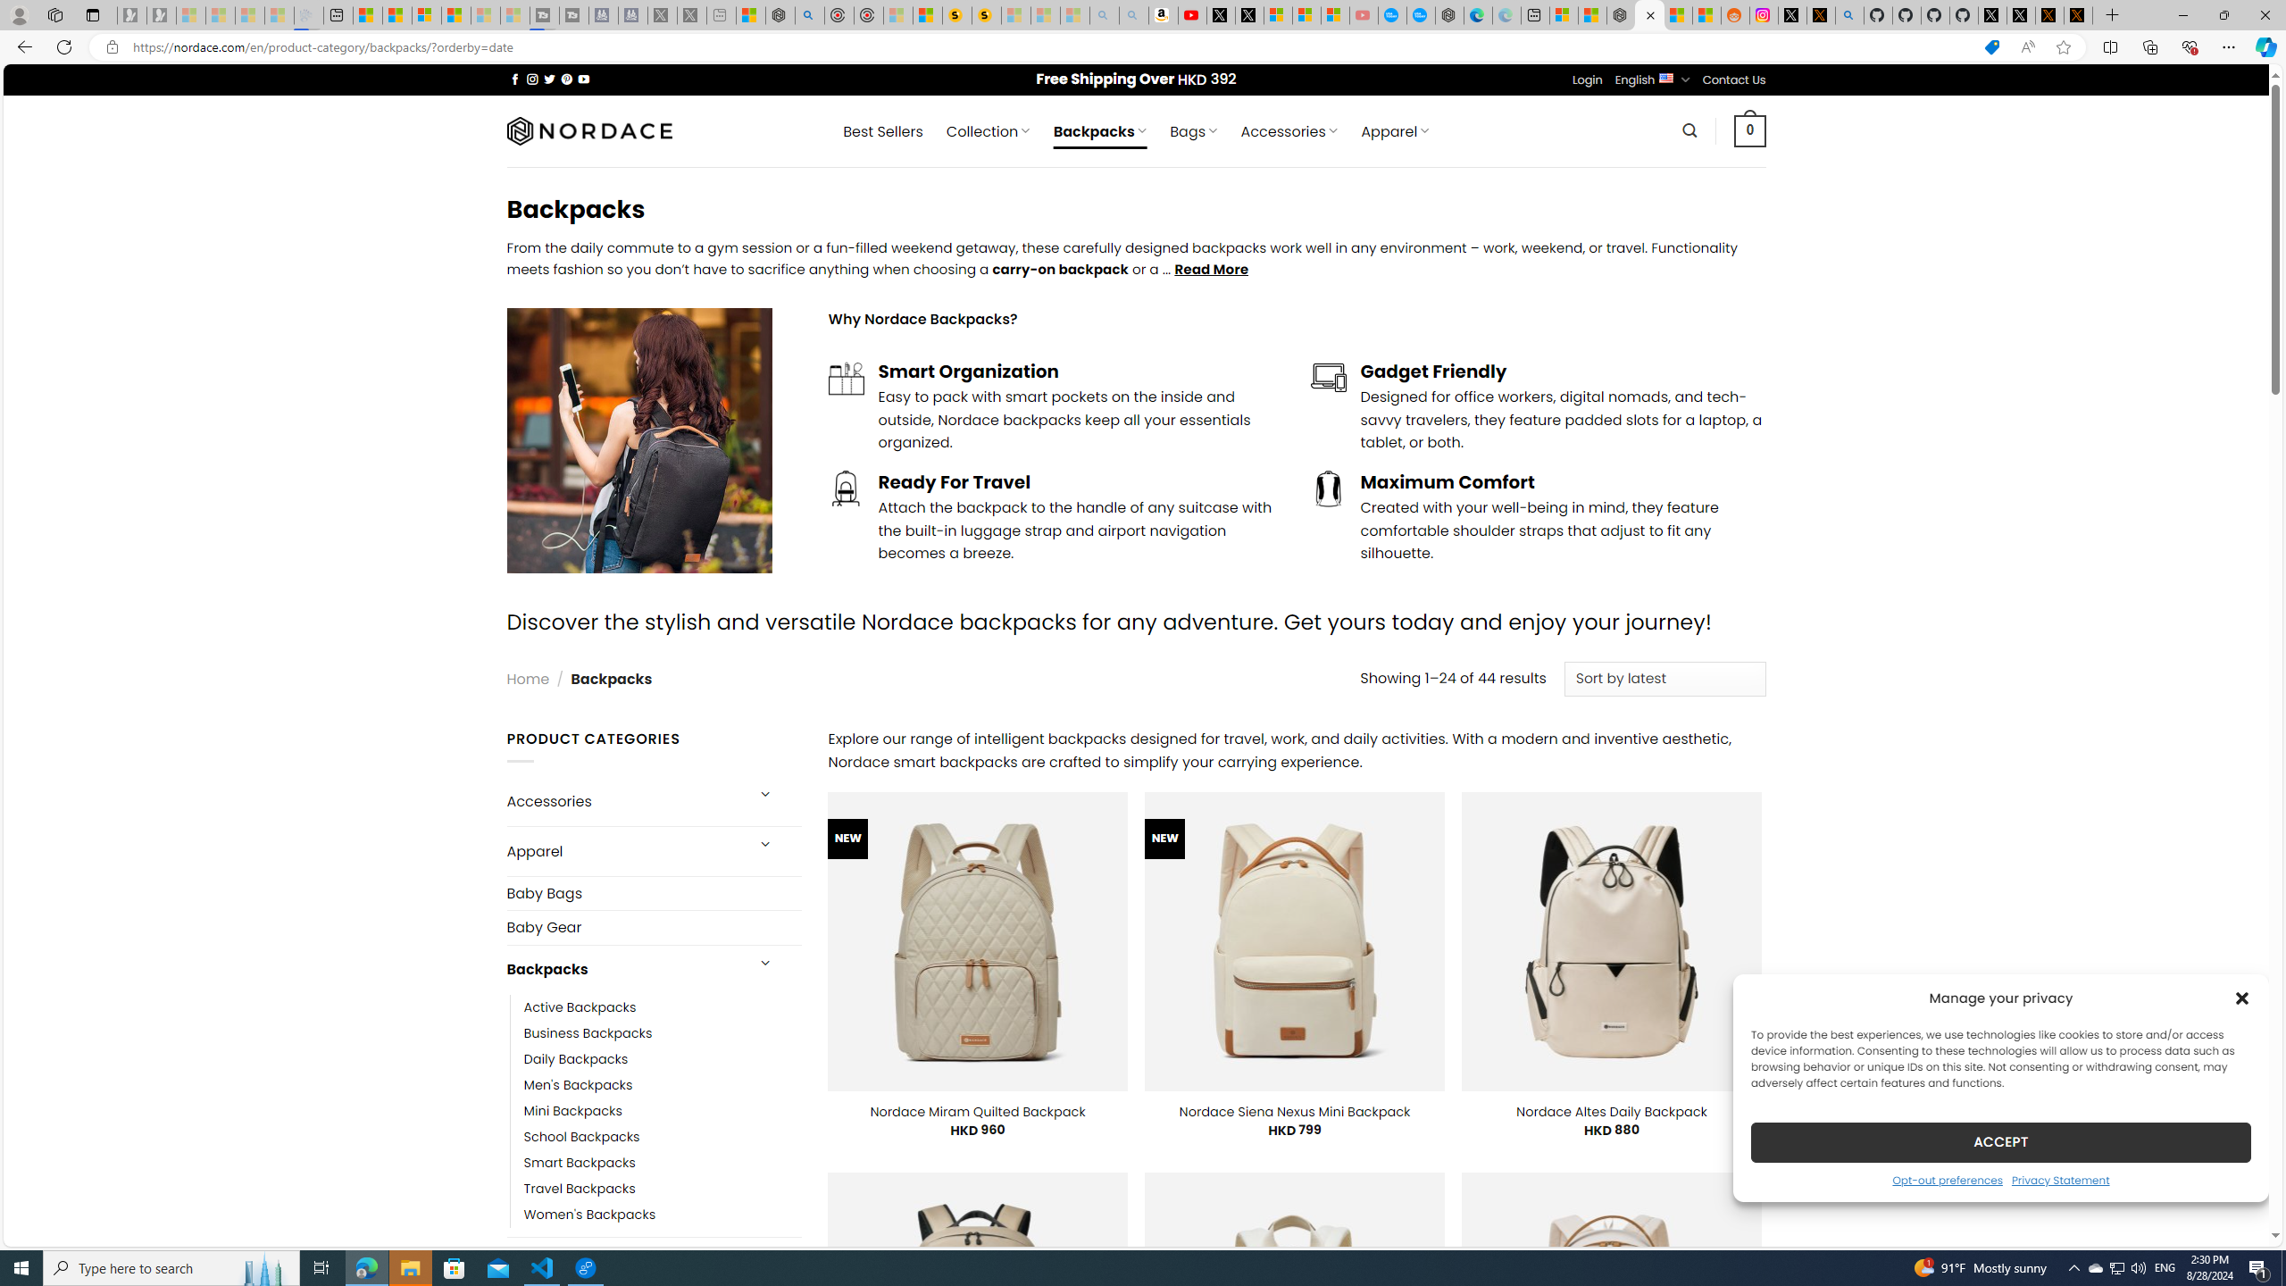  I want to click on 'Smart Backpacks', so click(579, 1163).